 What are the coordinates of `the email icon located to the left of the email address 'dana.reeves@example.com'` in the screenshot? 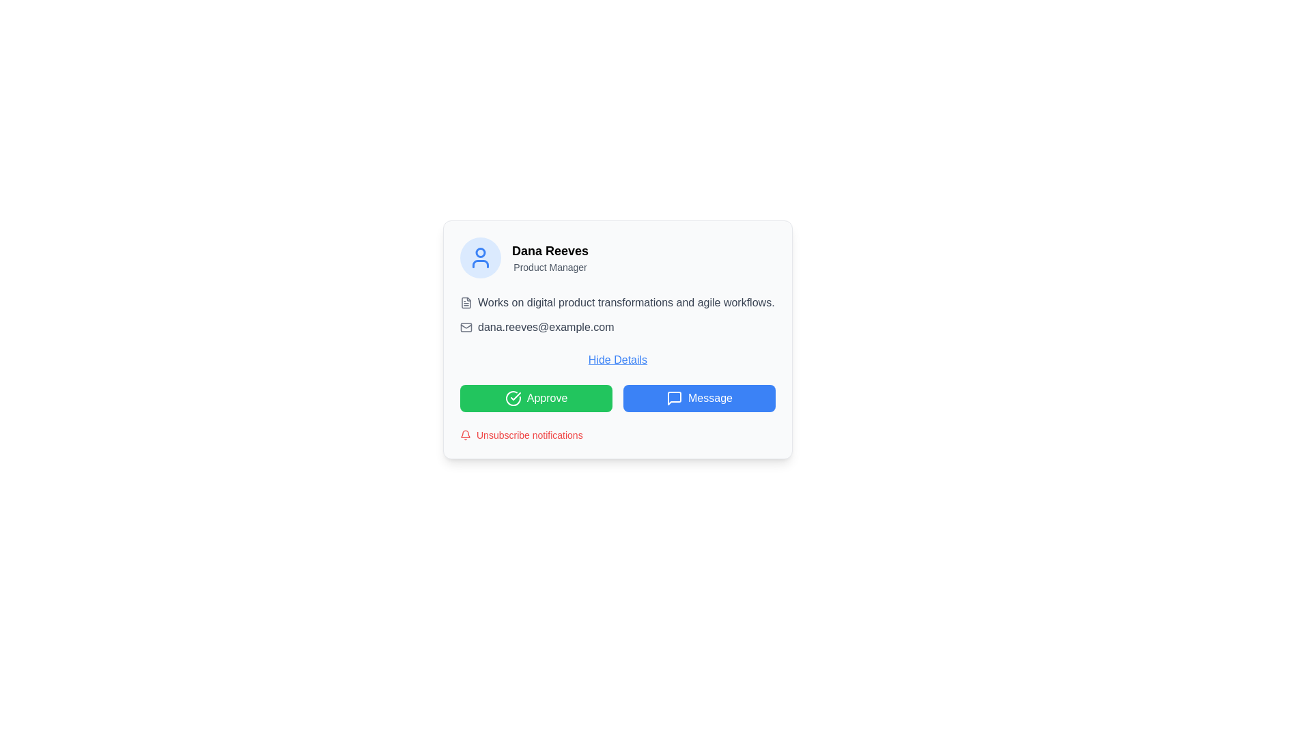 It's located at (466, 327).